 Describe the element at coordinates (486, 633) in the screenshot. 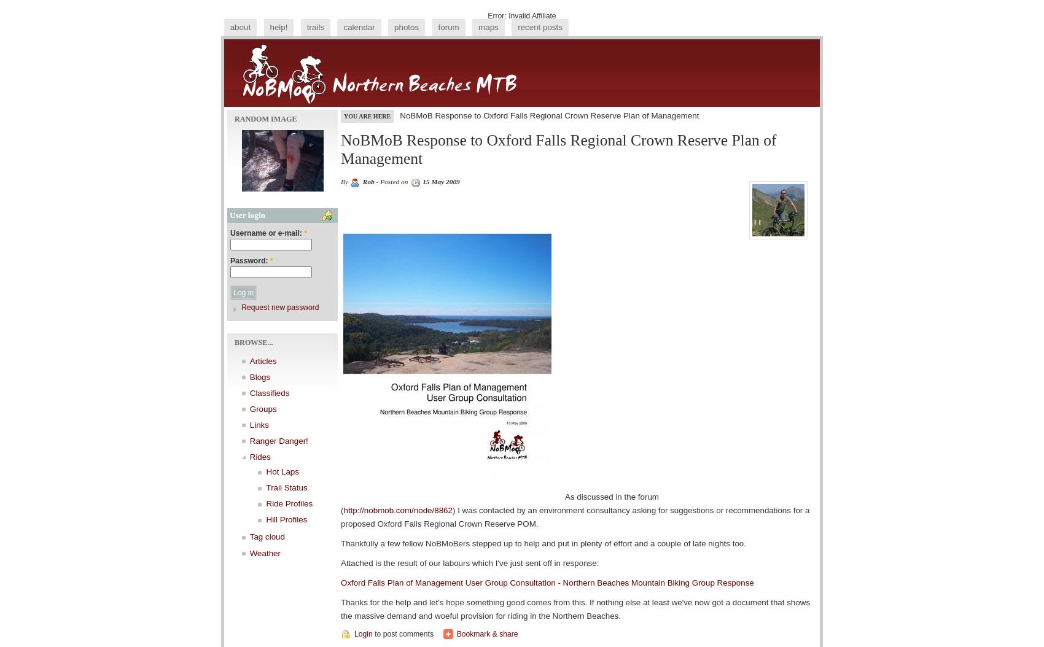

I see `'Bookmark & share'` at that location.